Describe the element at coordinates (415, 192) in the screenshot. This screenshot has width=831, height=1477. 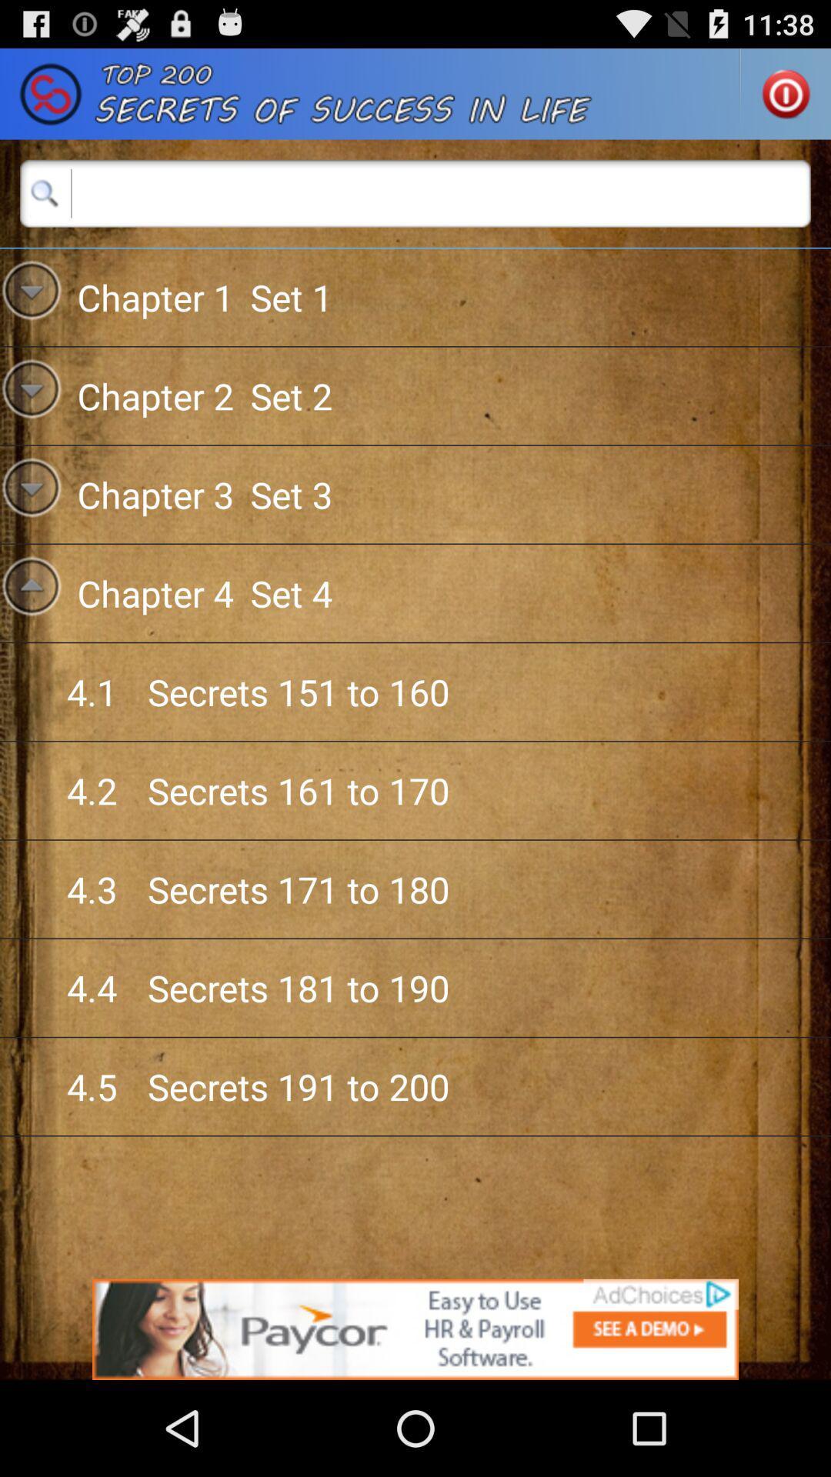
I see `the search option` at that location.